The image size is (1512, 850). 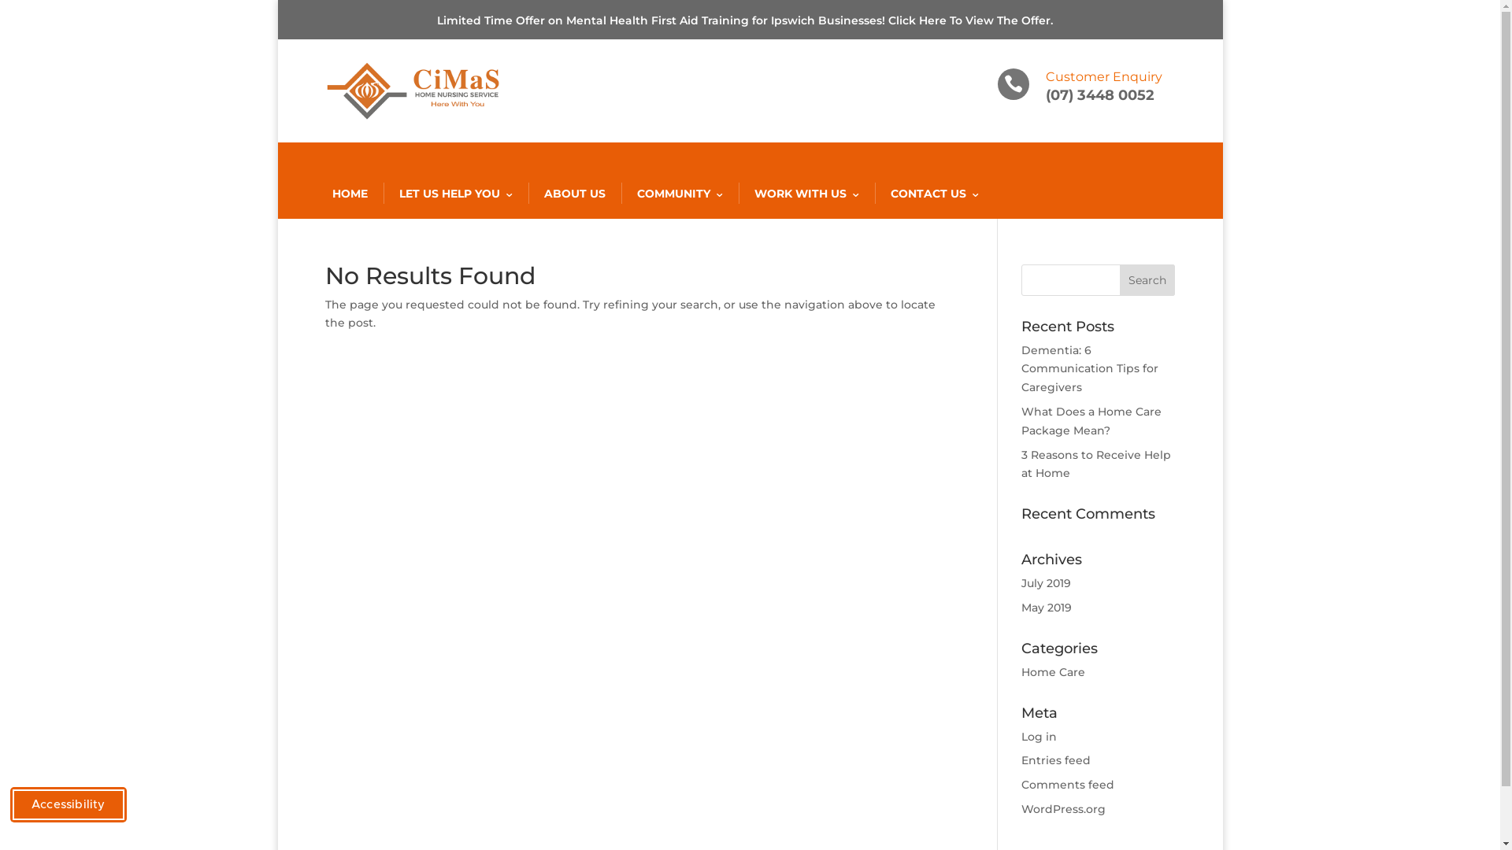 I want to click on 'Entries feed', so click(x=1055, y=759).